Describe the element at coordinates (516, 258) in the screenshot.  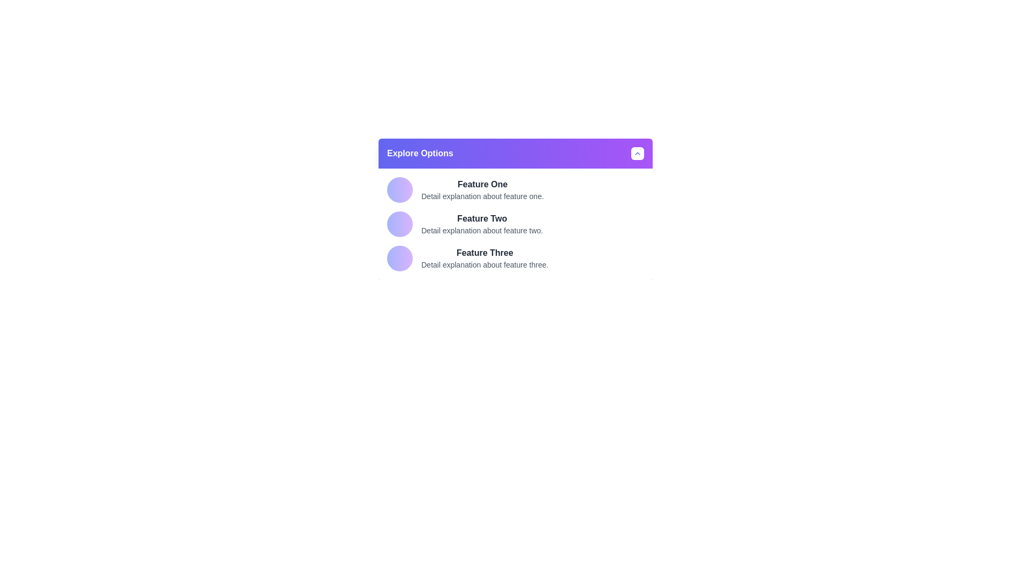
I see `the third descriptive list item containing text and an icon, which is located between 'Feature Two' and the subsequent elements in a vertically-aligned list` at that location.